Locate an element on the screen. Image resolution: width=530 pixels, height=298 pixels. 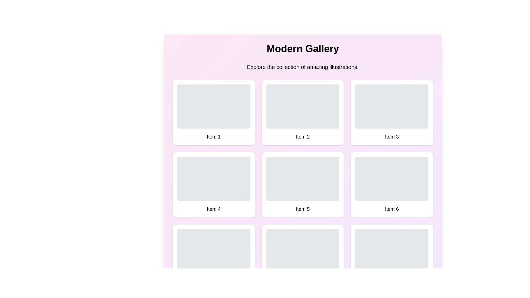
the Card representing 'Item 9' in the gallery, located in the bottom-right corner of the interface is located at coordinates (391, 257).